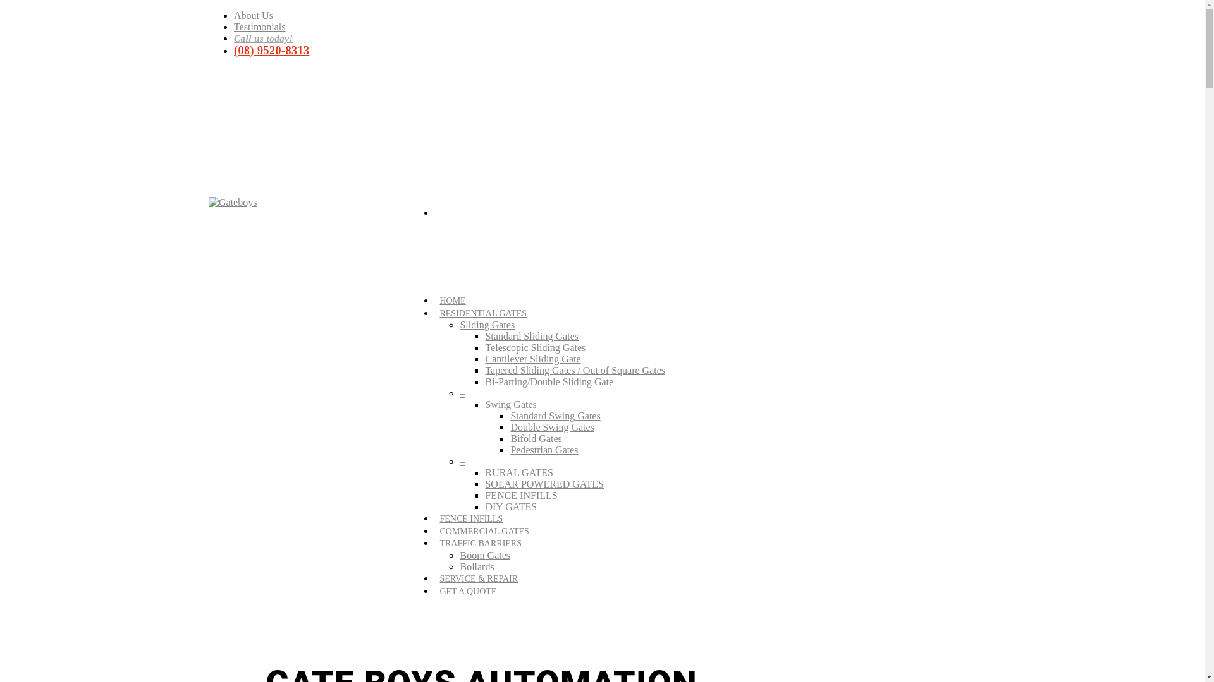 The height and width of the screenshot is (682, 1214). I want to click on '(08) 9520-8313', so click(271, 50).